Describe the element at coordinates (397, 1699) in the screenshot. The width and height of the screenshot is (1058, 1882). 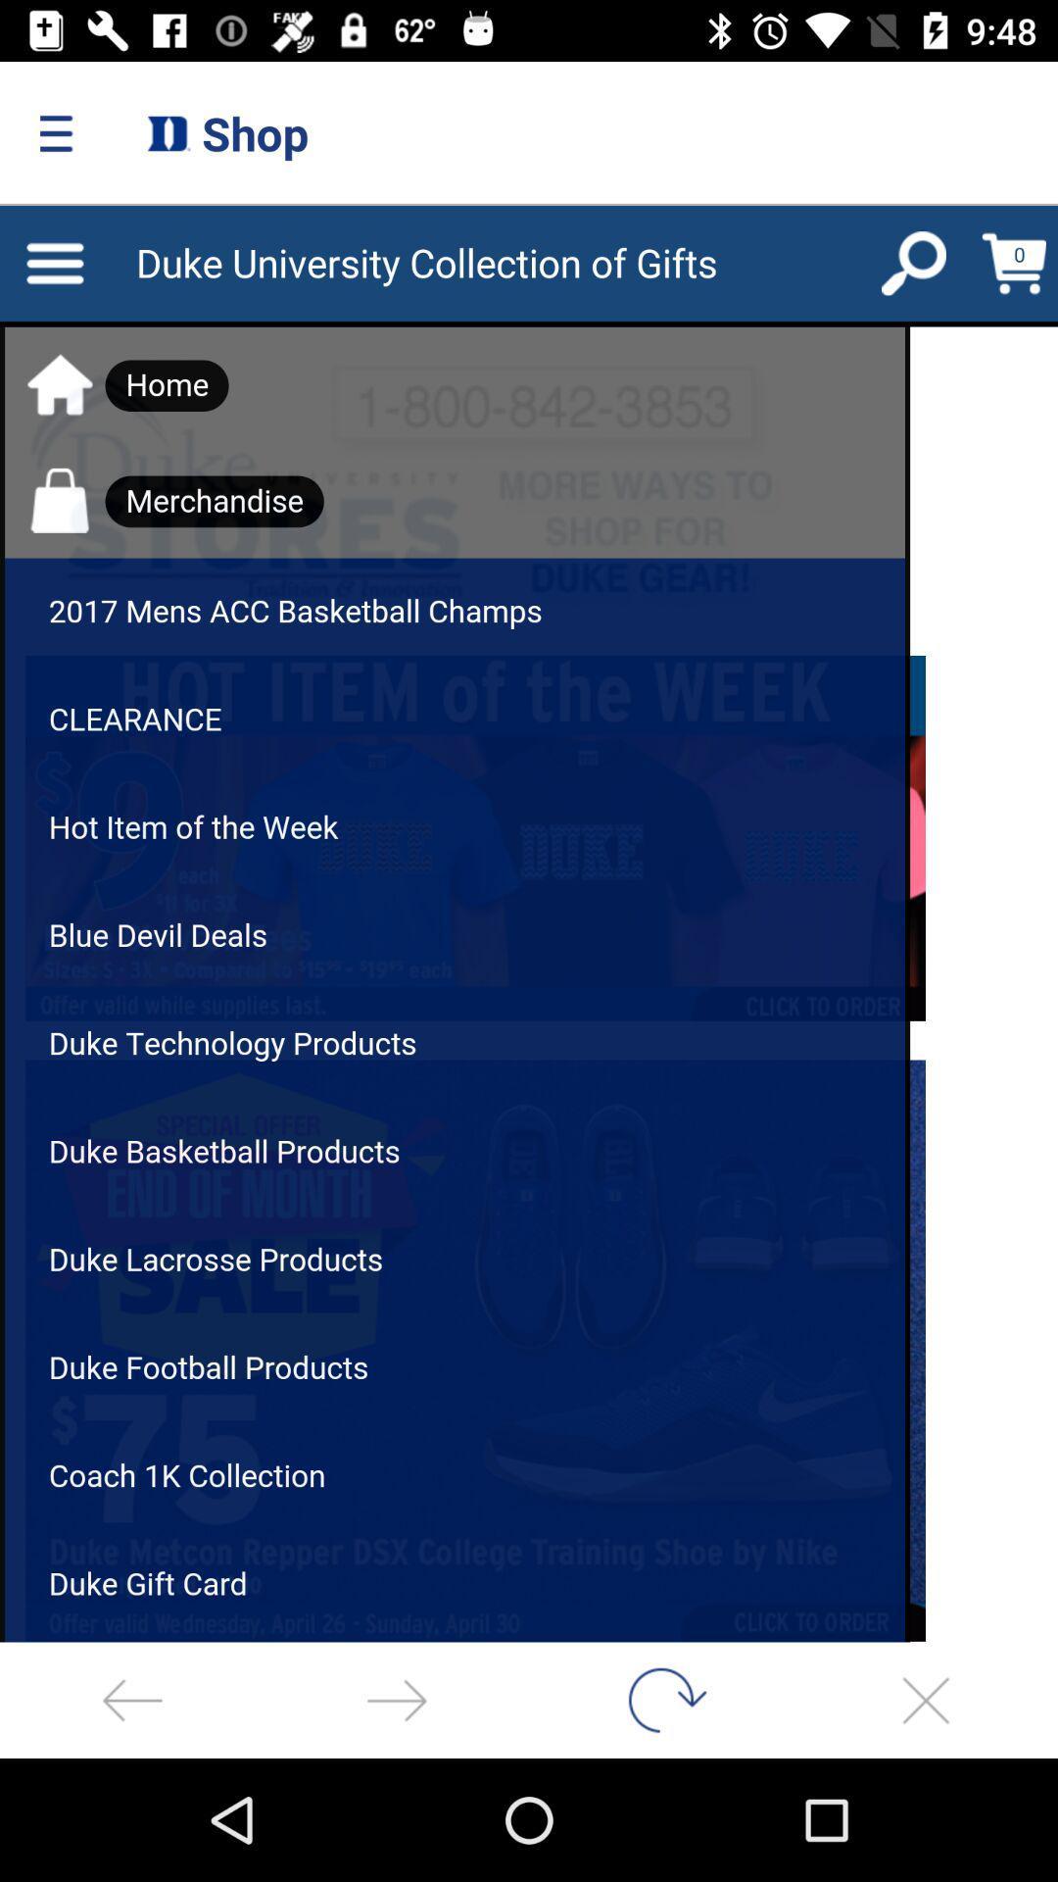
I see `next page` at that location.